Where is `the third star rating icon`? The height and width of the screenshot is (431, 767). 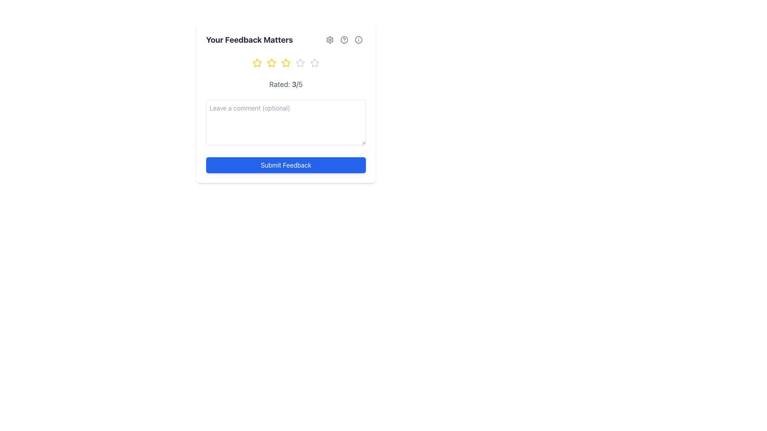 the third star rating icon is located at coordinates (286, 62).